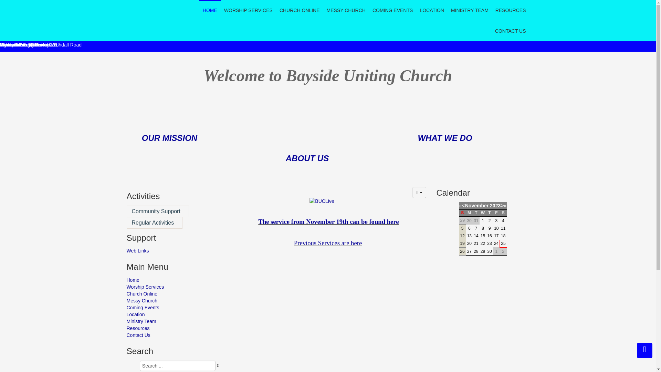 The height and width of the screenshot is (372, 661). I want to click on 'WORSHIP SERVICES', so click(248, 10).